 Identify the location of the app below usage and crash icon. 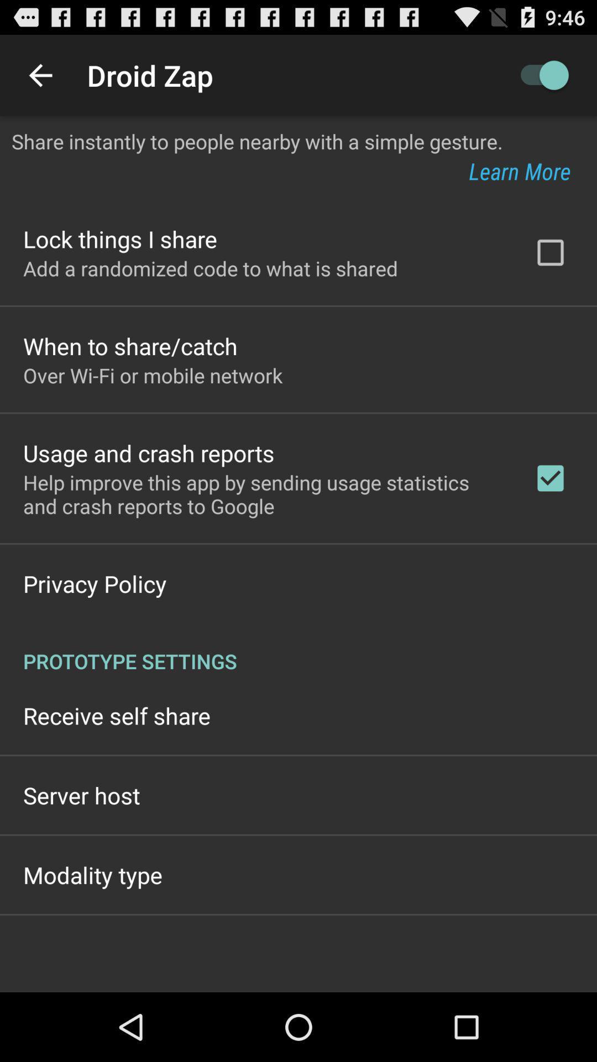
(264, 493).